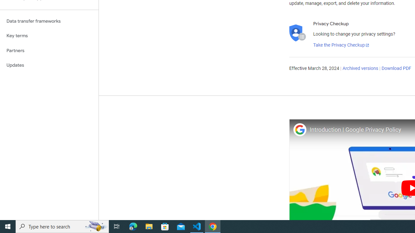 The image size is (415, 233). I want to click on 'Data transfer frameworks', so click(49, 21).